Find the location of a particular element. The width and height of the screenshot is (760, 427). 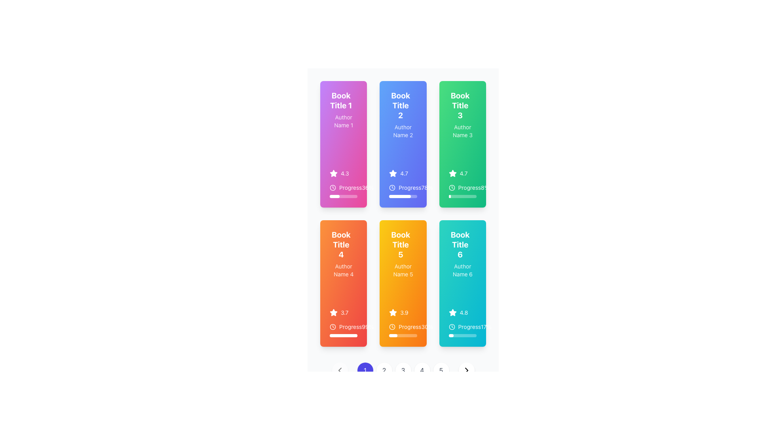

the small circular button with a white background and a black chevron icon pointing to the right at its center is located at coordinates (466, 370).